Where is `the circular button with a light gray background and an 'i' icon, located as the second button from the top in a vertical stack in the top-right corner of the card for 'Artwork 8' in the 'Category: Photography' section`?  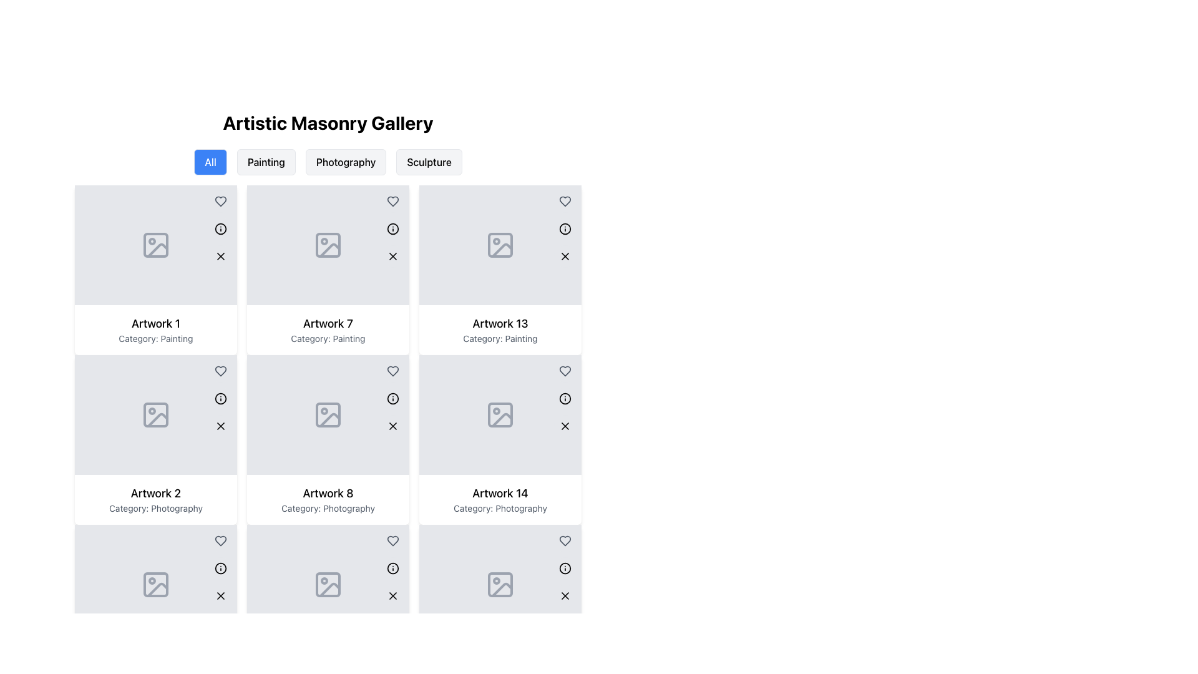
the circular button with a light gray background and an 'i' icon, located as the second button from the top in a vertical stack in the top-right corner of the card for 'Artwork 8' in the 'Category: Photography' section is located at coordinates (392, 568).